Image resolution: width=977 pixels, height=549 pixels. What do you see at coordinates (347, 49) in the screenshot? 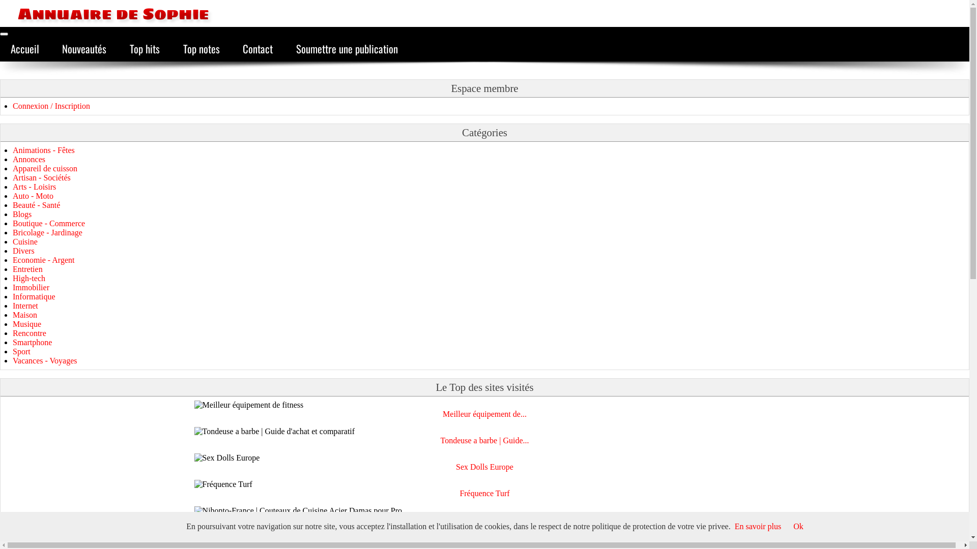
I see `'Soumettre une publication'` at bounding box center [347, 49].